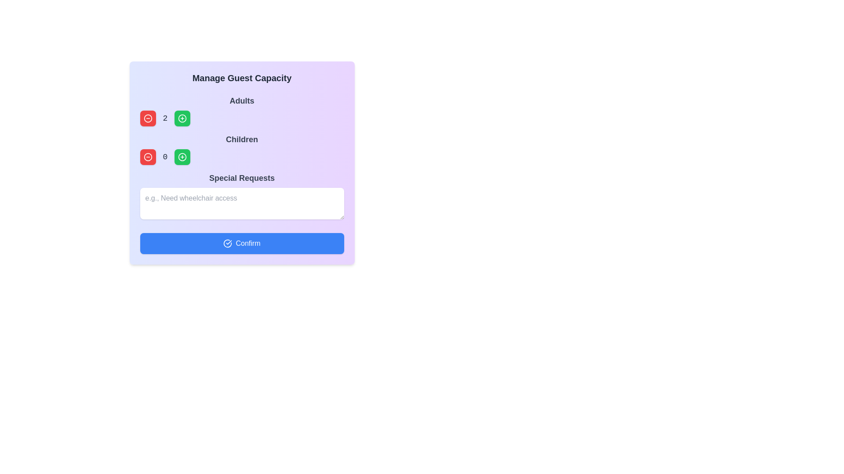 The width and height of the screenshot is (844, 474). I want to click on the red circular button representing a decrement action for the 'Adults' category to decrease the count of adults, so click(148, 118).